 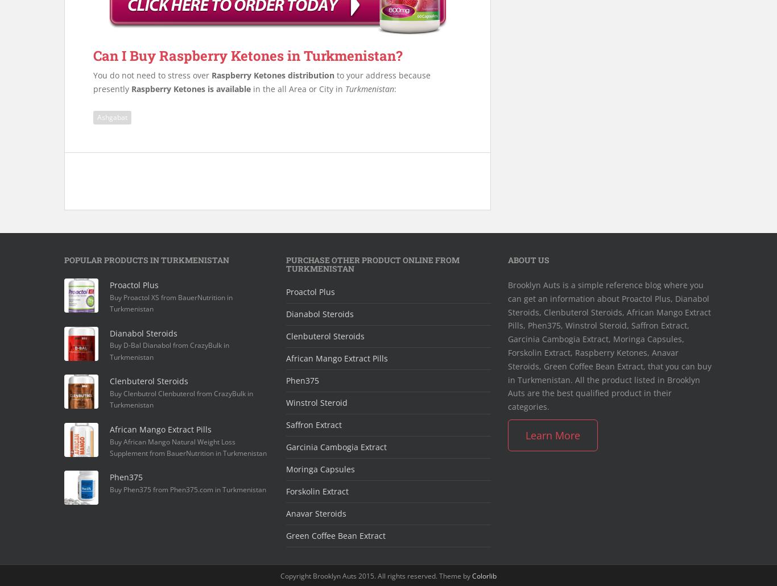 What do you see at coordinates (483, 575) in the screenshot?
I see `'Colorlib'` at bounding box center [483, 575].